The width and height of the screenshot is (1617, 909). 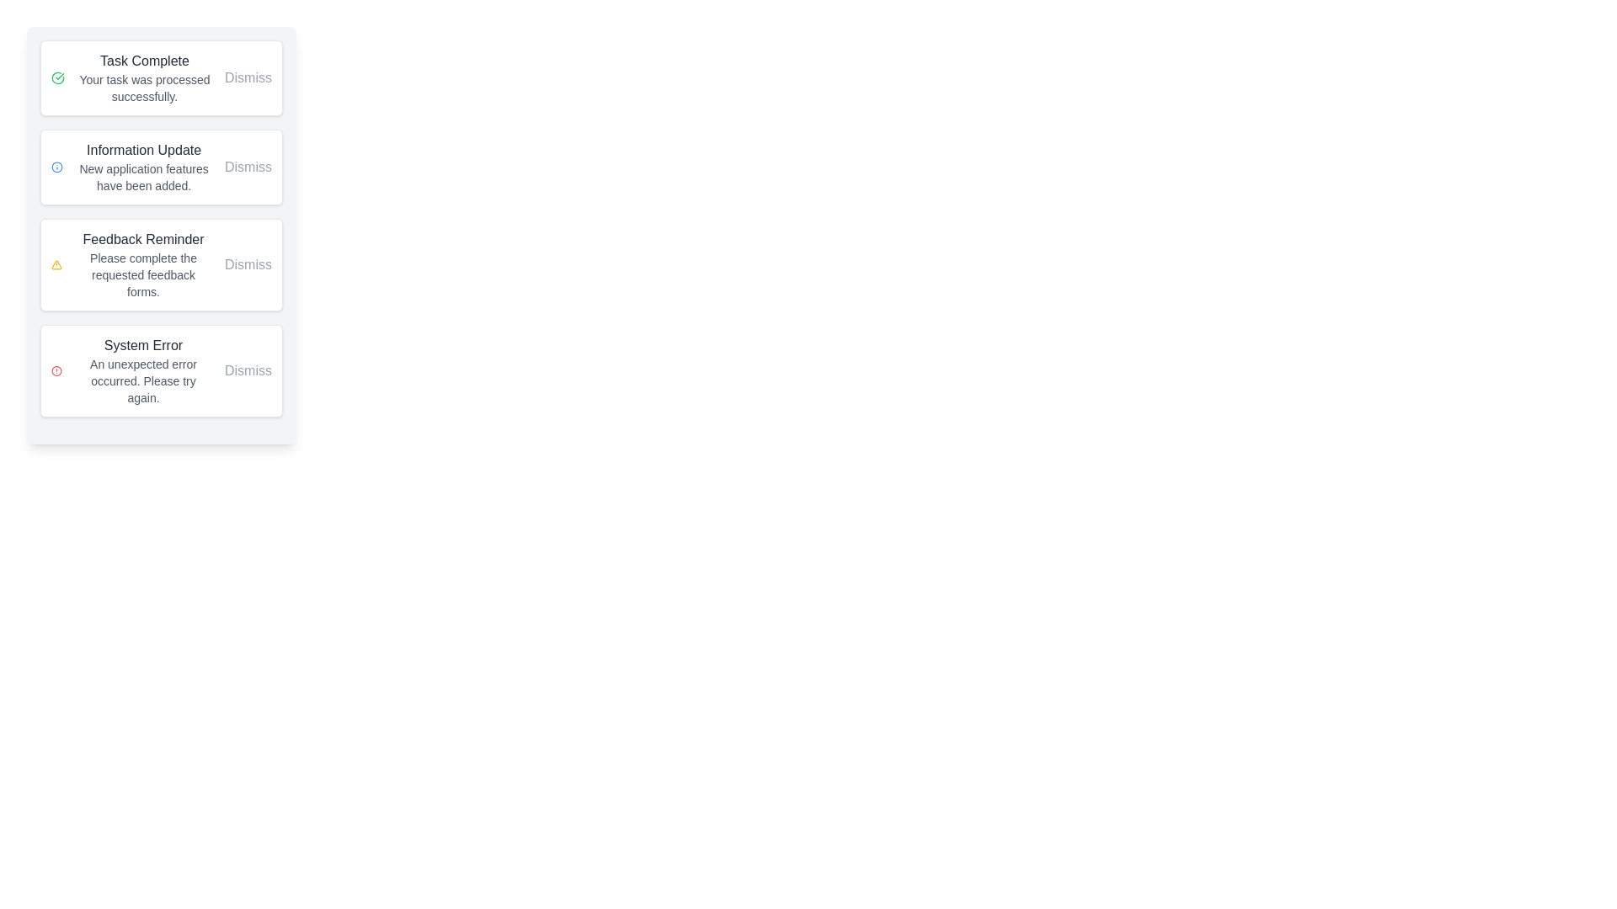 What do you see at coordinates (57, 77) in the screenshot?
I see `the green circular icon with a check mark that indicates success, located at the top of the notification card with the header 'Task Complete'` at bounding box center [57, 77].